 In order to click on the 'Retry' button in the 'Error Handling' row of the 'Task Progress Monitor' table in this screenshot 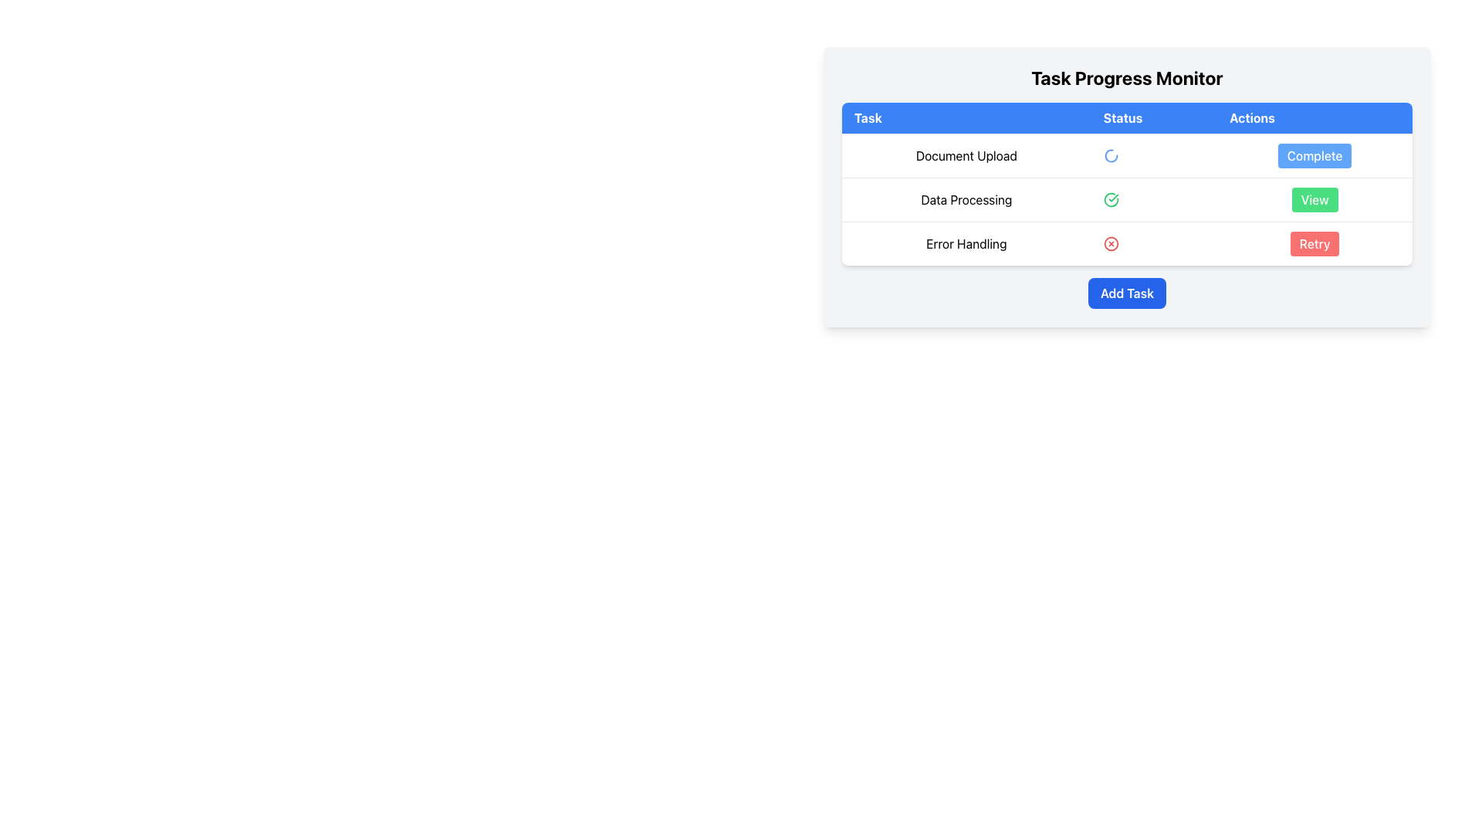, I will do `click(1314, 243)`.